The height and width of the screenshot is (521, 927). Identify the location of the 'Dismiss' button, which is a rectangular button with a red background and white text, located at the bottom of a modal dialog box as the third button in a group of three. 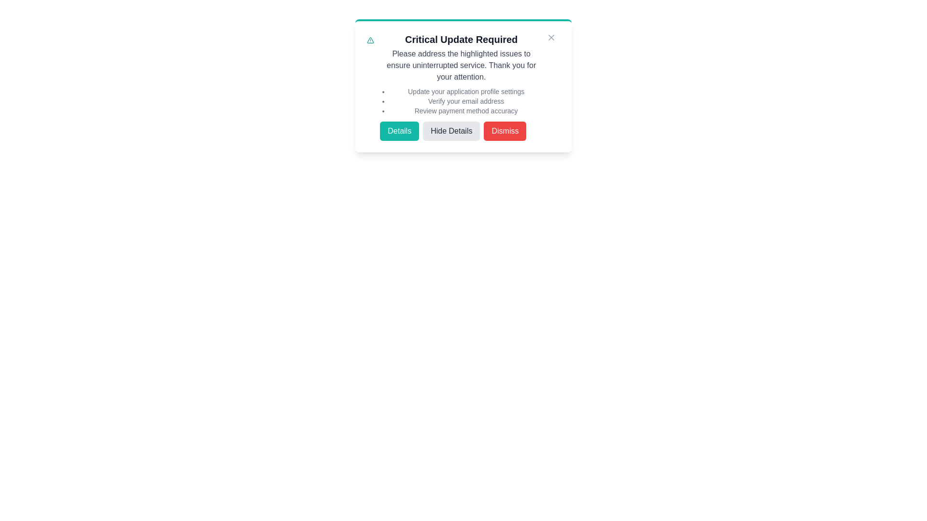
(505, 131).